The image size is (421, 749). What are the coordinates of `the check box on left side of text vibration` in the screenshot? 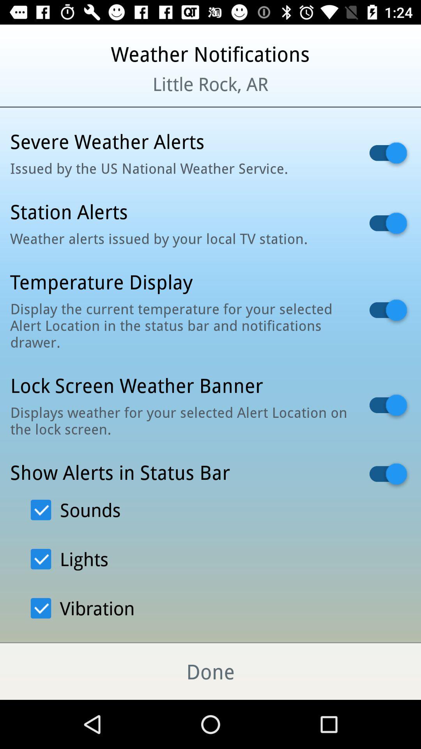 It's located at (41, 608).